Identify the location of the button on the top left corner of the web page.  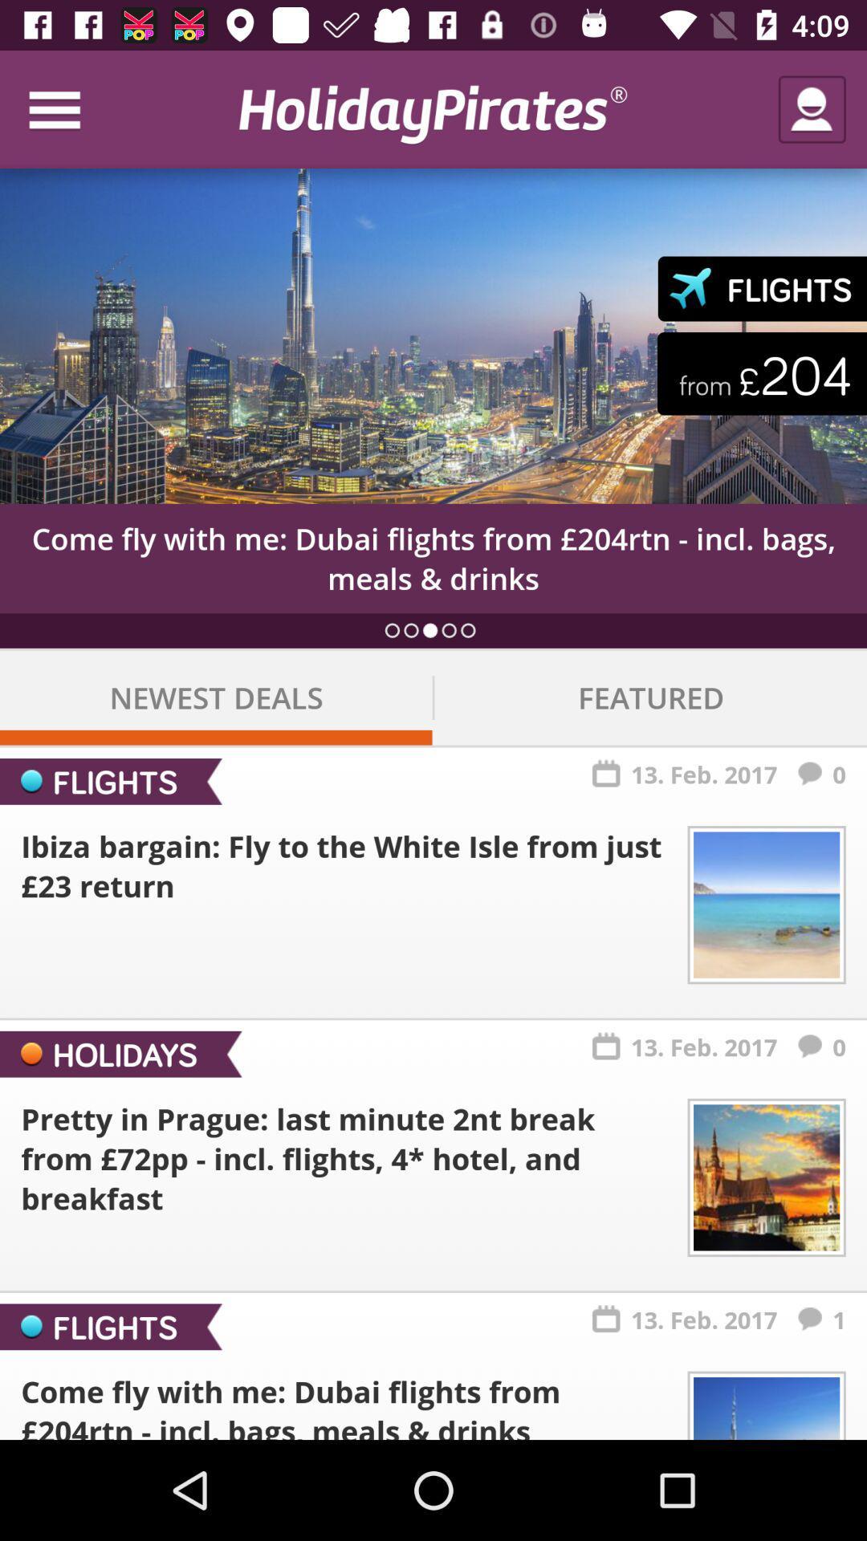
(70, 109).